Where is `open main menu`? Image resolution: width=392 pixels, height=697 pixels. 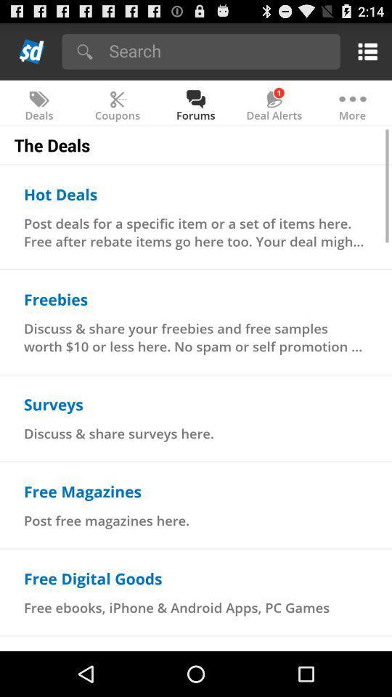
open main menu is located at coordinates (364, 51).